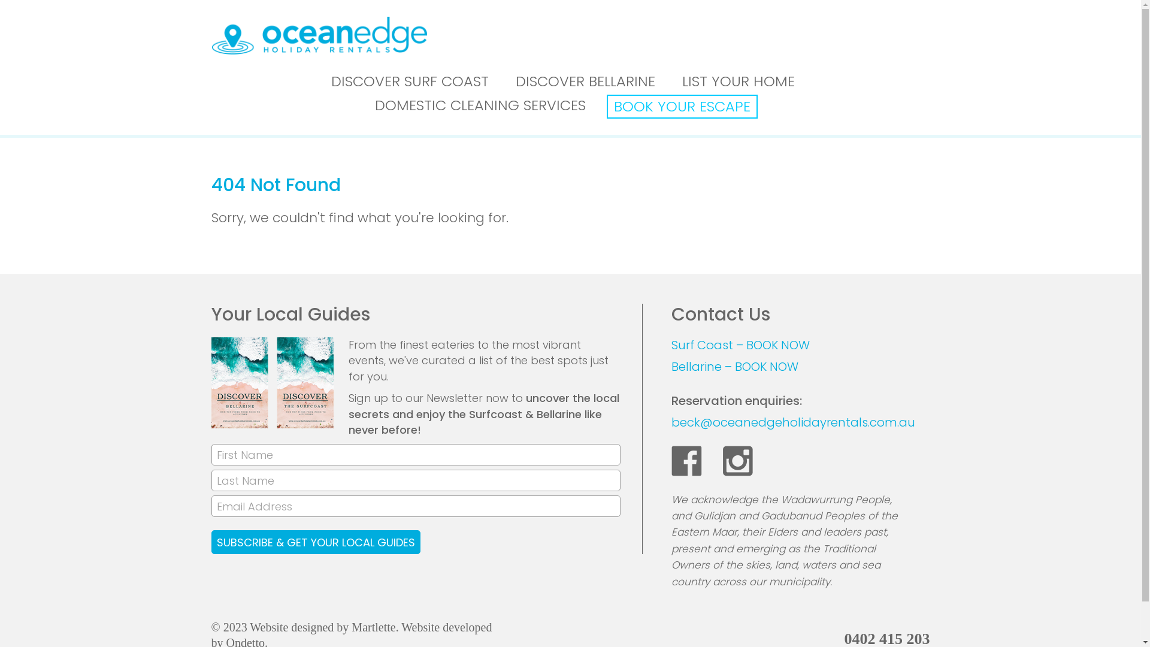 This screenshot has height=647, width=1150. What do you see at coordinates (509, 82) in the screenshot?
I see `'DISCOVER BELLARINE'` at bounding box center [509, 82].